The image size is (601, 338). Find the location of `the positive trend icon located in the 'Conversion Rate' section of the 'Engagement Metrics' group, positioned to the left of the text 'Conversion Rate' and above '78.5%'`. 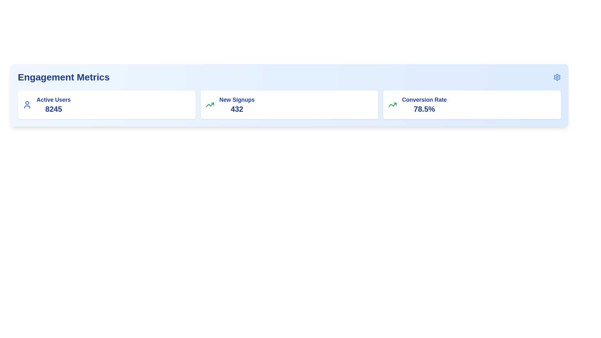

the positive trend icon located in the 'Conversion Rate' section of the 'Engagement Metrics' group, positioned to the left of the text 'Conversion Rate' and above '78.5%' is located at coordinates (392, 105).